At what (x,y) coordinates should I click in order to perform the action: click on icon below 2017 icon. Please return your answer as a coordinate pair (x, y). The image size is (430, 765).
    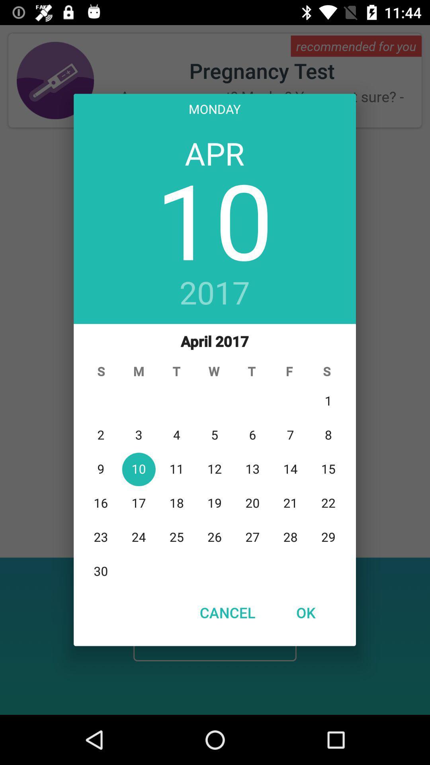
    Looking at the image, I should click on (214, 455).